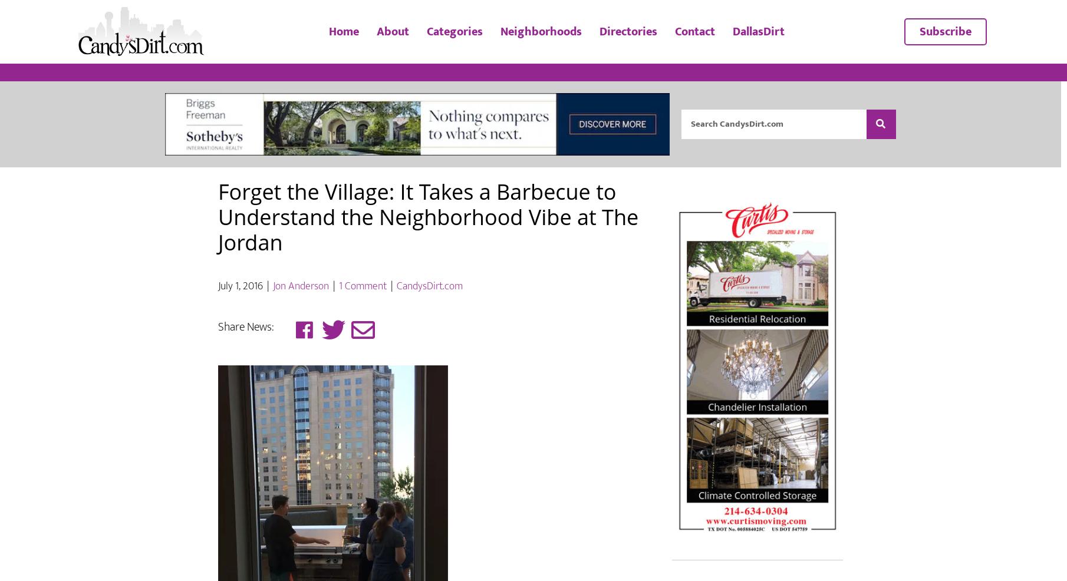  I want to click on 'Jon Anderson', so click(300, 319).